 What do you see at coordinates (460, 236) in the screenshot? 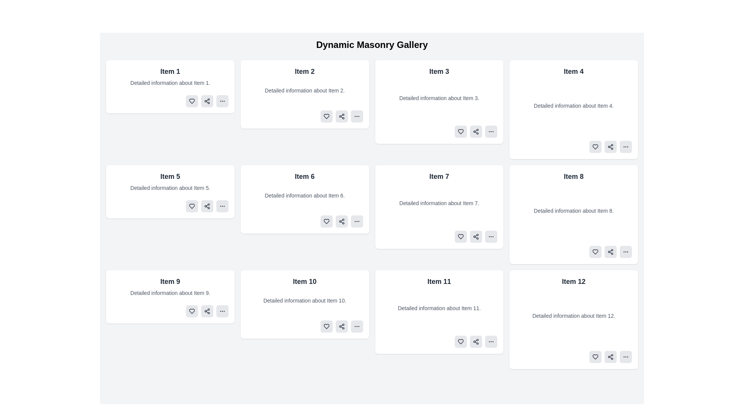
I see `the heart-shaped SVG icon used as a button for favoriting items, located within the 'Item 7' card, positioned below the descriptive text and to the left of the share button` at bounding box center [460, 236].